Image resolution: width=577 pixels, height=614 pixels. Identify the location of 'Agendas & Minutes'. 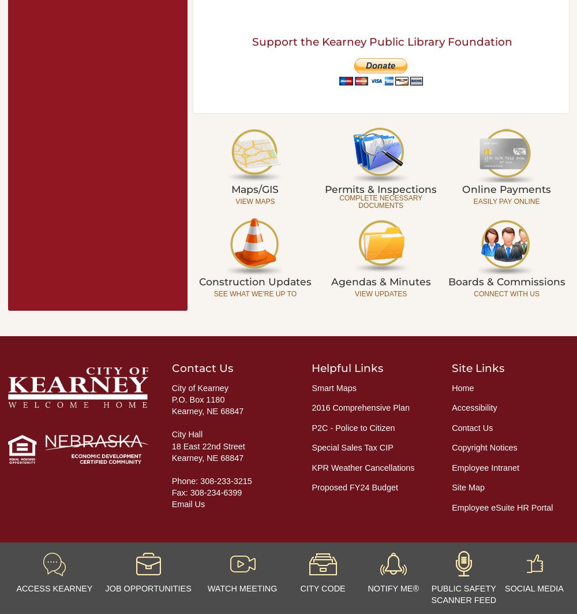
(380, 281).